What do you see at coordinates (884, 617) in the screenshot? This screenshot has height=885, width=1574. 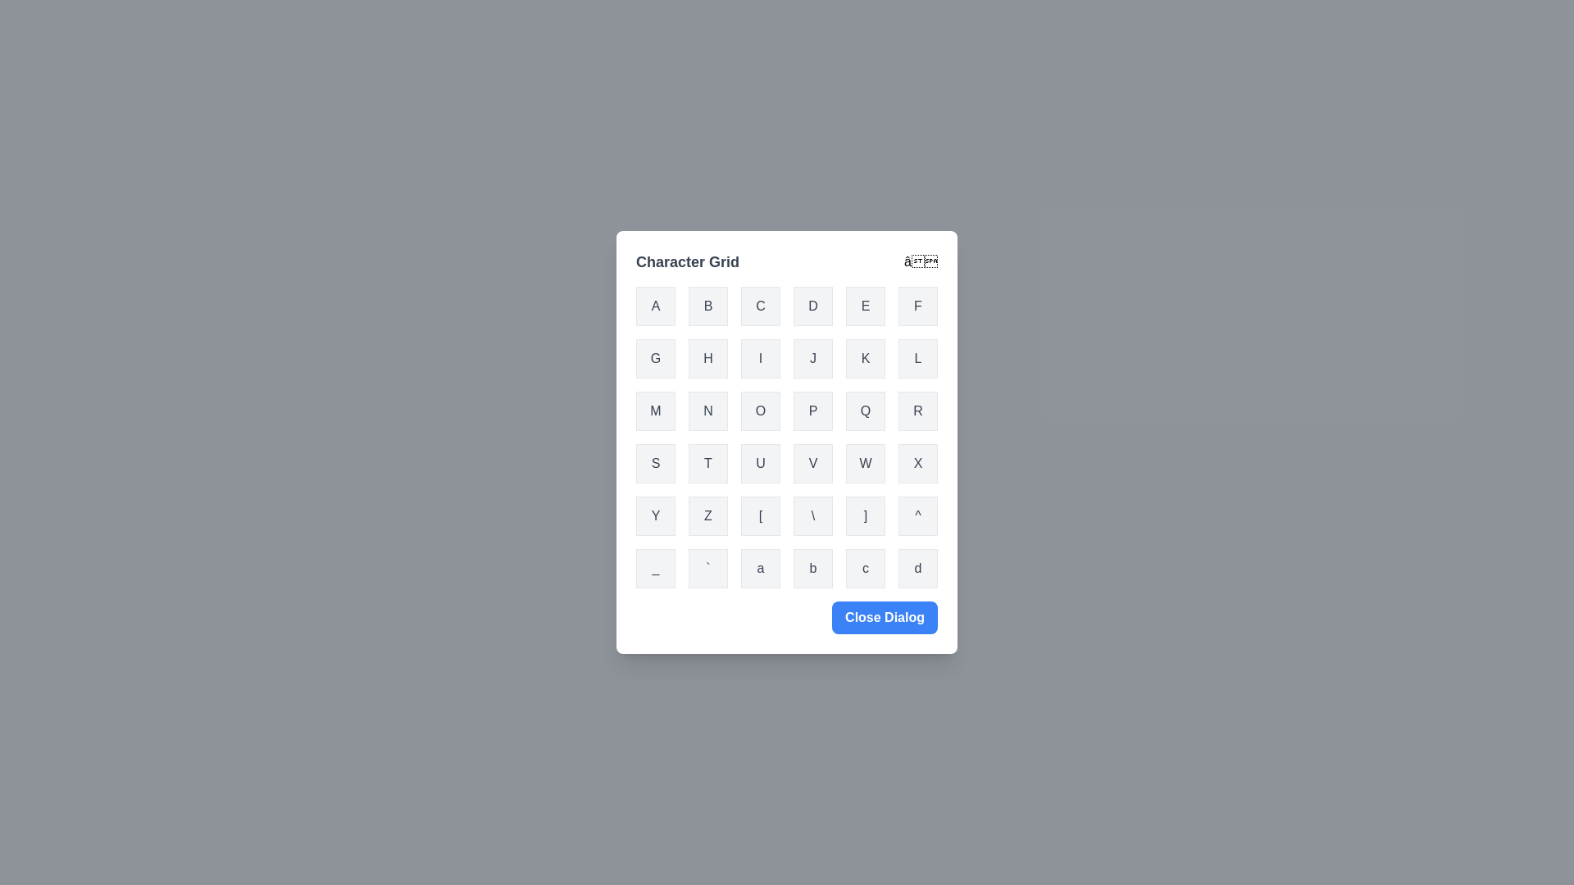 I see `'Close Dialog' button to close the dialog` at bounding box center [884, 617].